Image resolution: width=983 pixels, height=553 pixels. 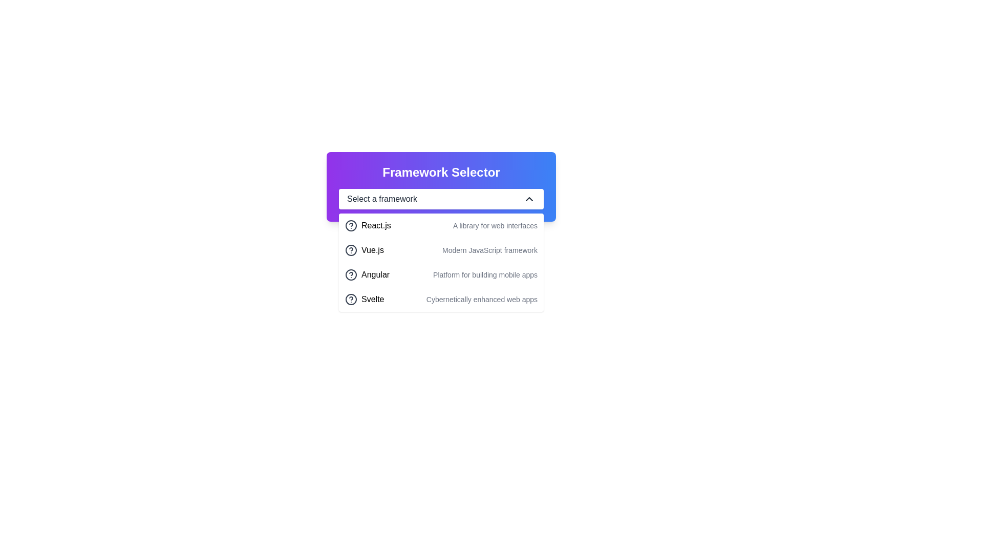 I want to click on the 'Vue.js' list item in the dropdown menu titled 'Framework Selector', so click(x=372, y=250).